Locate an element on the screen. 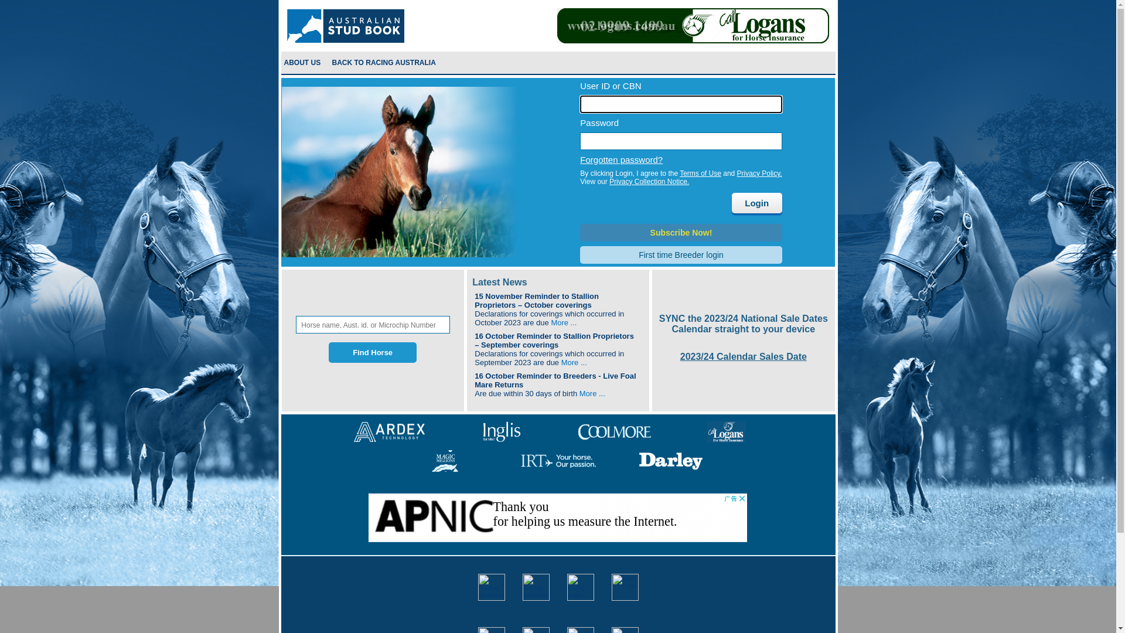  'ABOUT US' is located at coordinates (302, 63).